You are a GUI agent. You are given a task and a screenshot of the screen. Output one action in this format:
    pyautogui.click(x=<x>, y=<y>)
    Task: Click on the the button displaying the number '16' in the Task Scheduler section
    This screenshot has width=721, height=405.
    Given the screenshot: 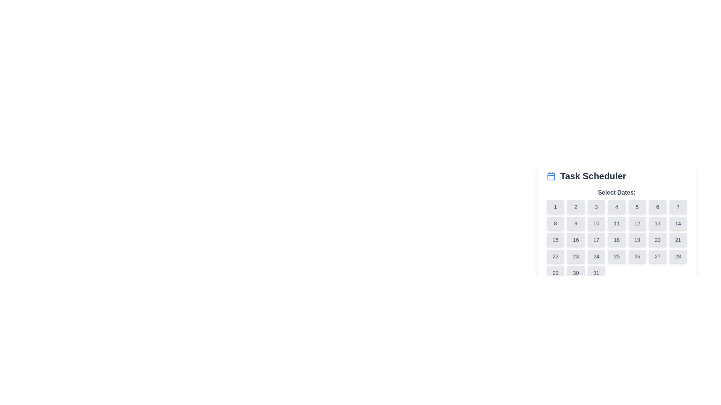 What is the action you would take?
    pyautogui.click(x=575, y=240)
    